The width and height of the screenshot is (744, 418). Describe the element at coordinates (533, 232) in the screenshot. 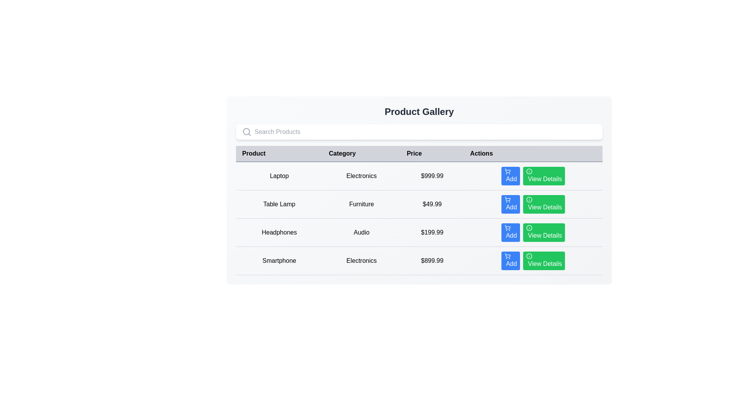

I see `the green 'View Details' button located in the last column of the 'Headphones' row under the 'Actions' column` at that location.